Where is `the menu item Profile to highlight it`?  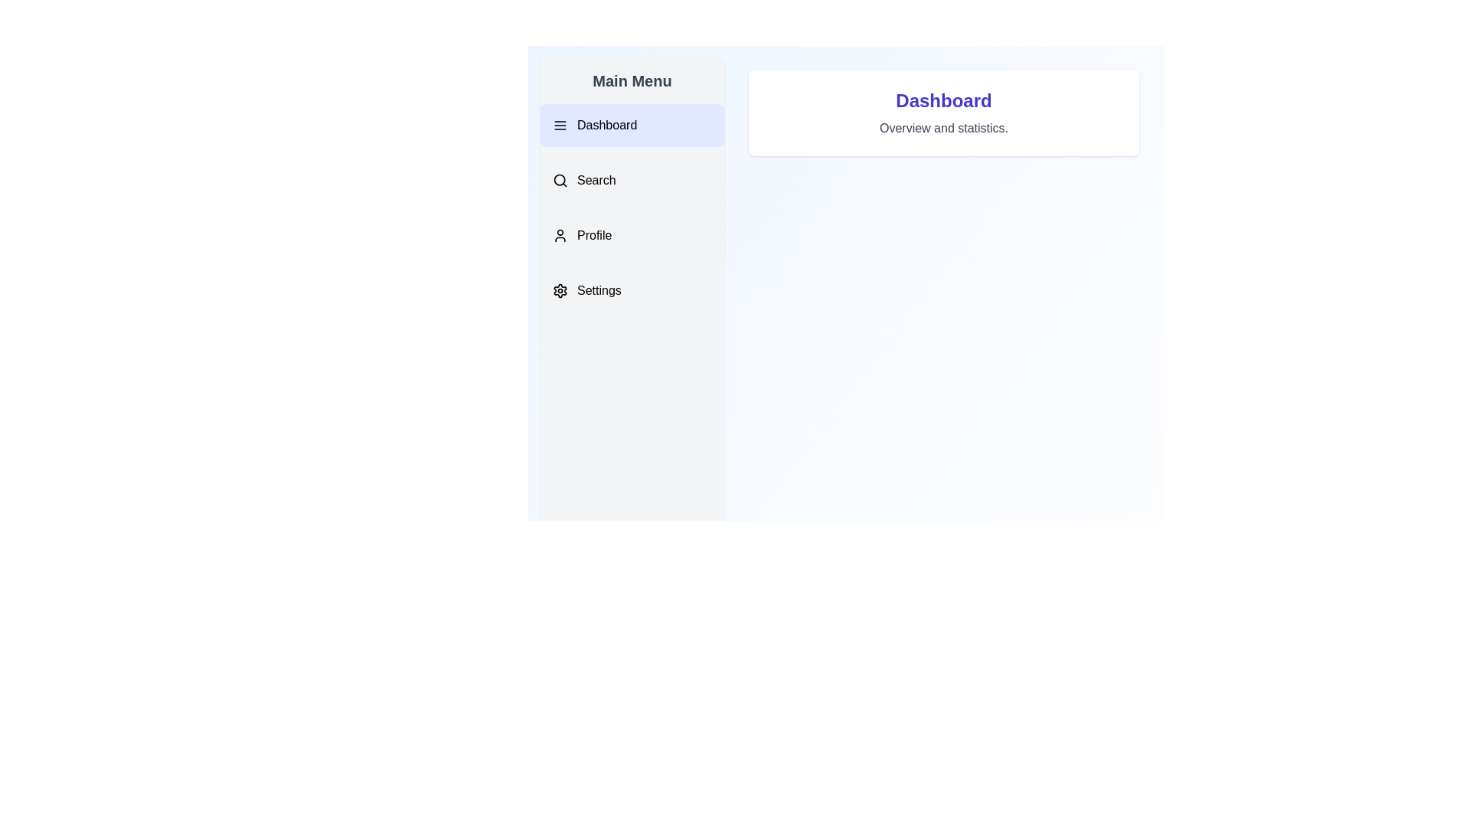 the menu item Profile to highlight it is located at coordinates (632, 236).